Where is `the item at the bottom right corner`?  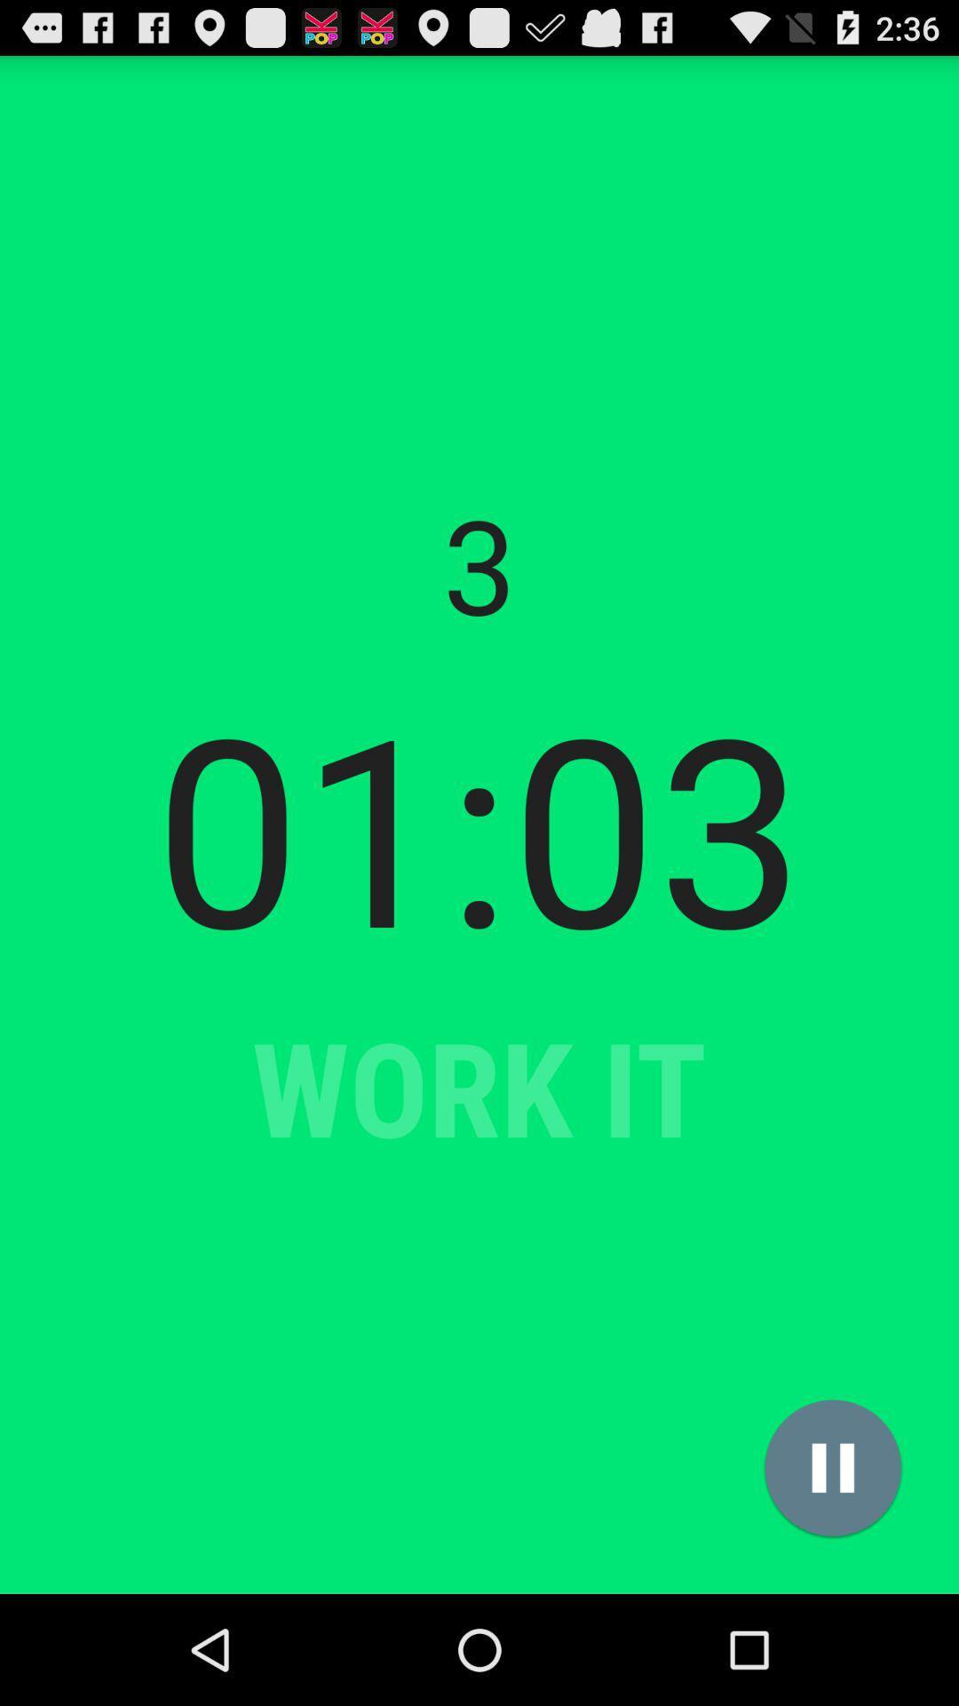 the item at the bottom right corner is located at coordinates (833, 1468).